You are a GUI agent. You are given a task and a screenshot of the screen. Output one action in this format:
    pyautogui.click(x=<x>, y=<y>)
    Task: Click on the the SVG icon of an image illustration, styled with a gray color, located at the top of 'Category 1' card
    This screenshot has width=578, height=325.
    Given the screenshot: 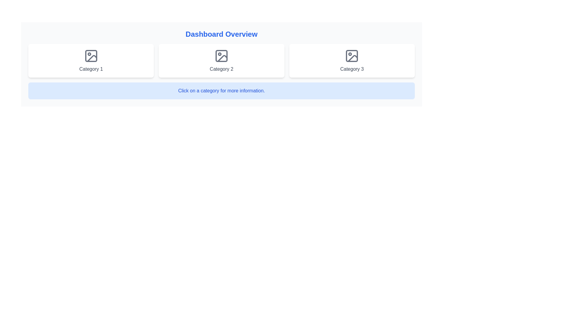 What is the action you would take?
    pyautogui.click(x=91, y=56)
    